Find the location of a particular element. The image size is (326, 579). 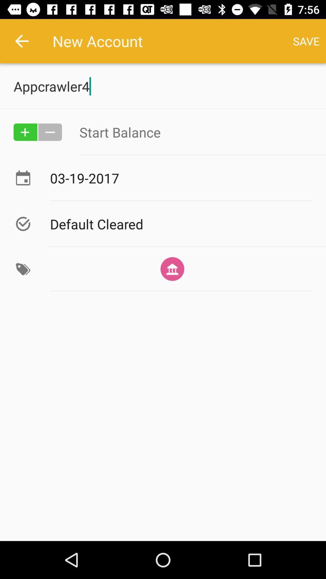

the button is located at coordinates (50, 132).